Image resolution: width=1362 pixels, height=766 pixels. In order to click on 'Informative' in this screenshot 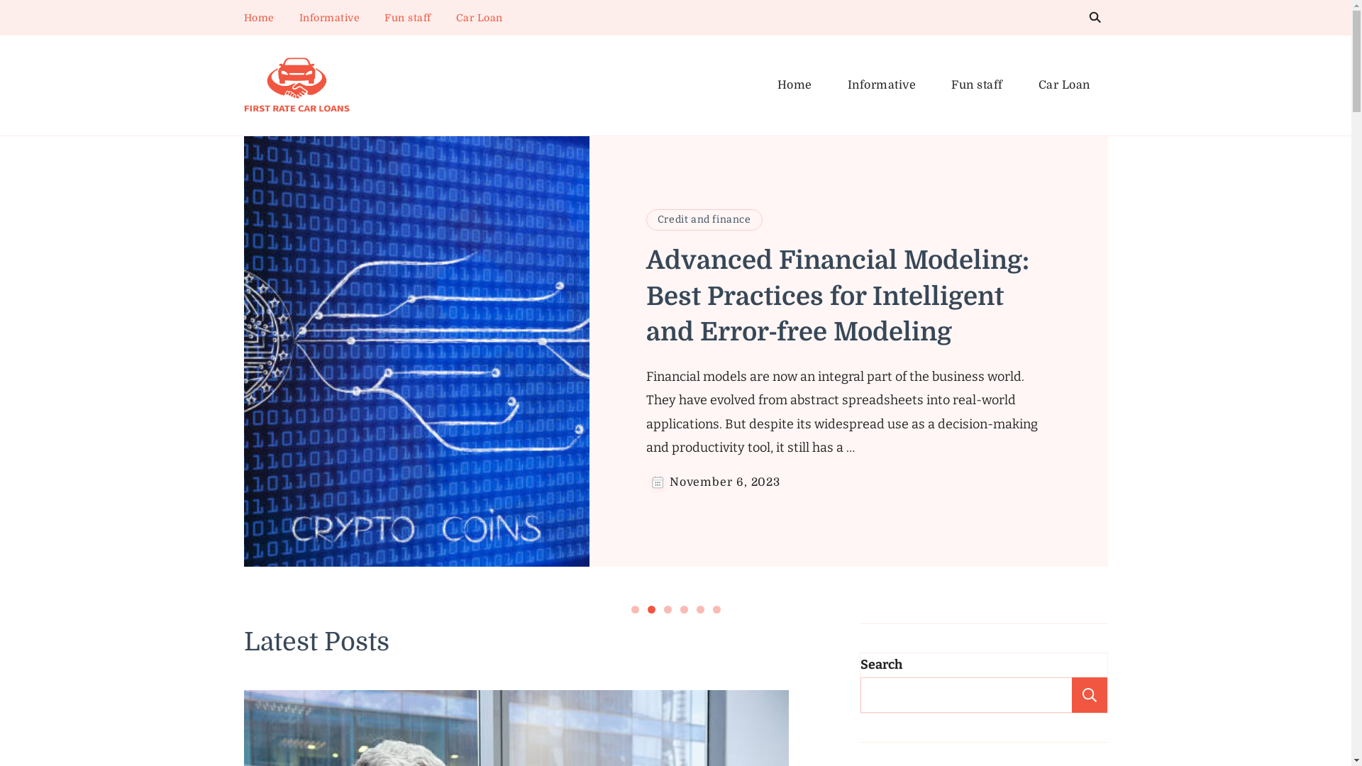, I will do `click(329, 17)`.